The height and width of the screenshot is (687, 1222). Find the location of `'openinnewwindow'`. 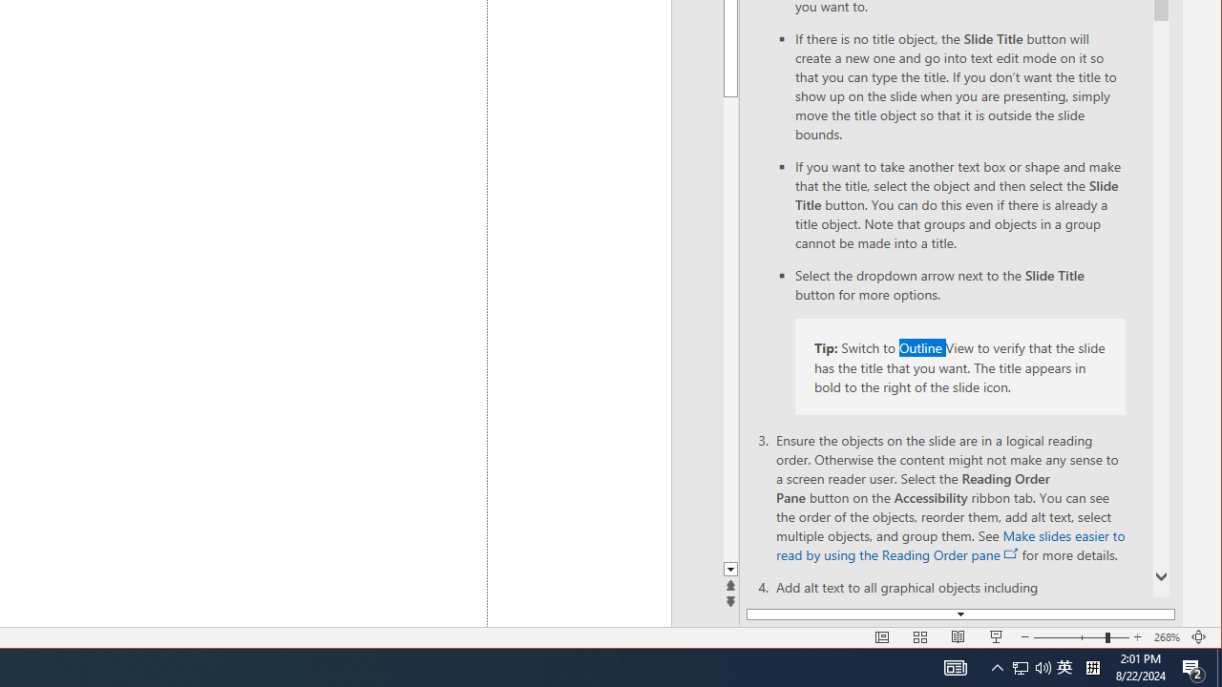

'openinnewwindow' is located at coordinates (1010, 554).